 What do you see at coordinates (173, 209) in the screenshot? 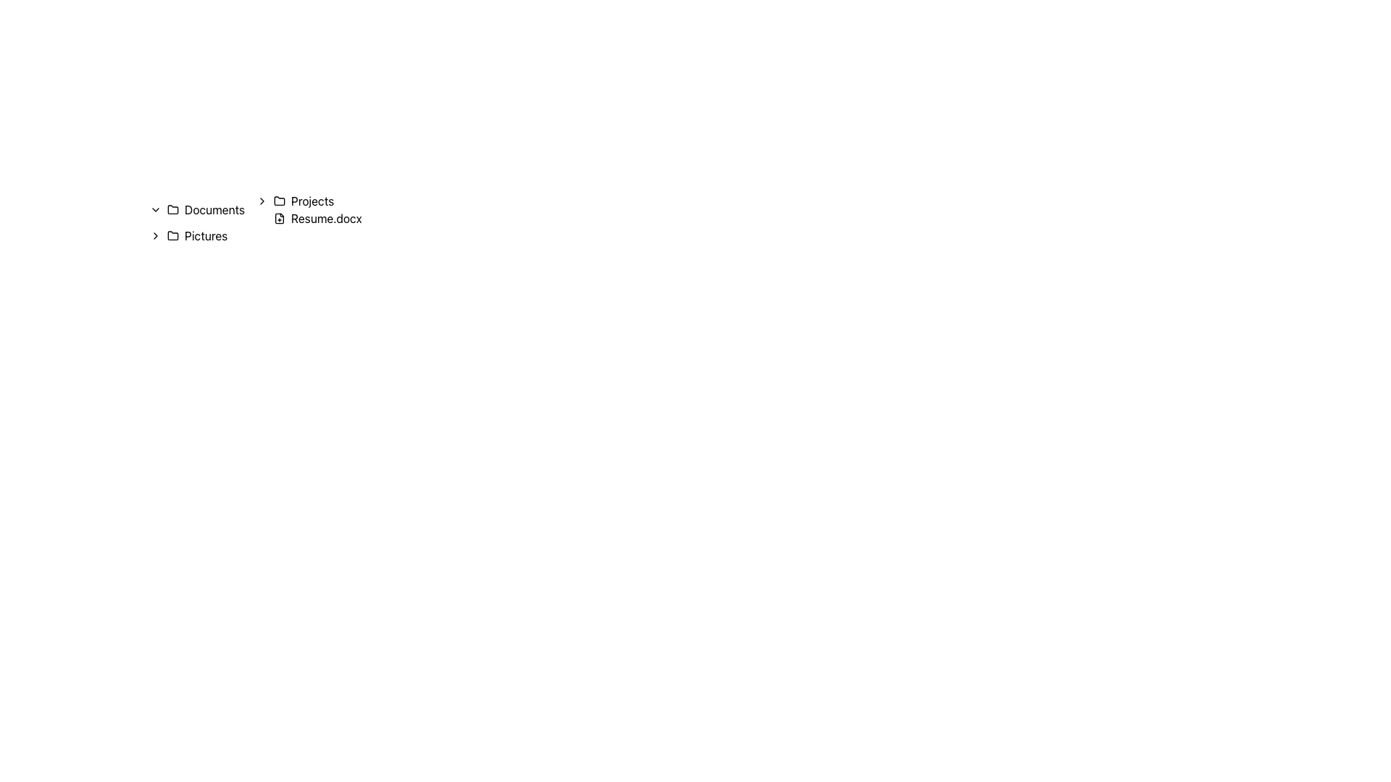
I see `the folder icon next to the 'Documents' text` at bounding box center [173, 209].